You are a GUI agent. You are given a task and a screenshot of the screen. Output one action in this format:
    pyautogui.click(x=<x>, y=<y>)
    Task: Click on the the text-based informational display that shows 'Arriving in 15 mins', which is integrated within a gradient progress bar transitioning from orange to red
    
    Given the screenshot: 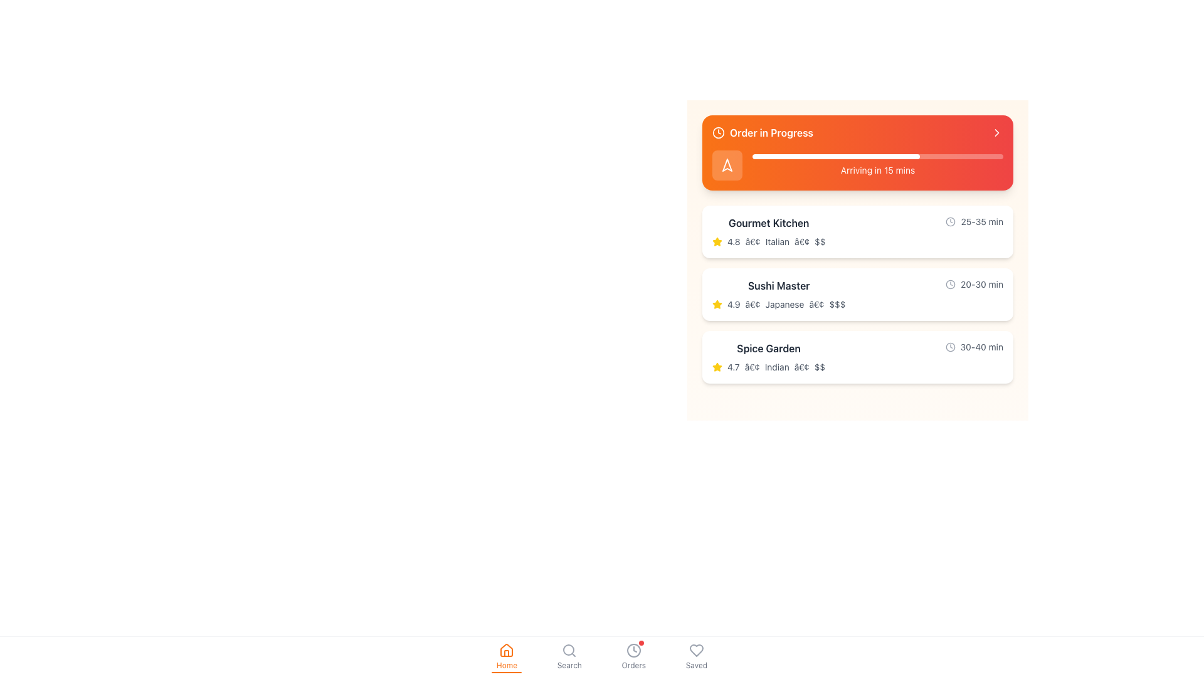 What is the action you would take?
    pyautogui.click(x=857, y=164)
    